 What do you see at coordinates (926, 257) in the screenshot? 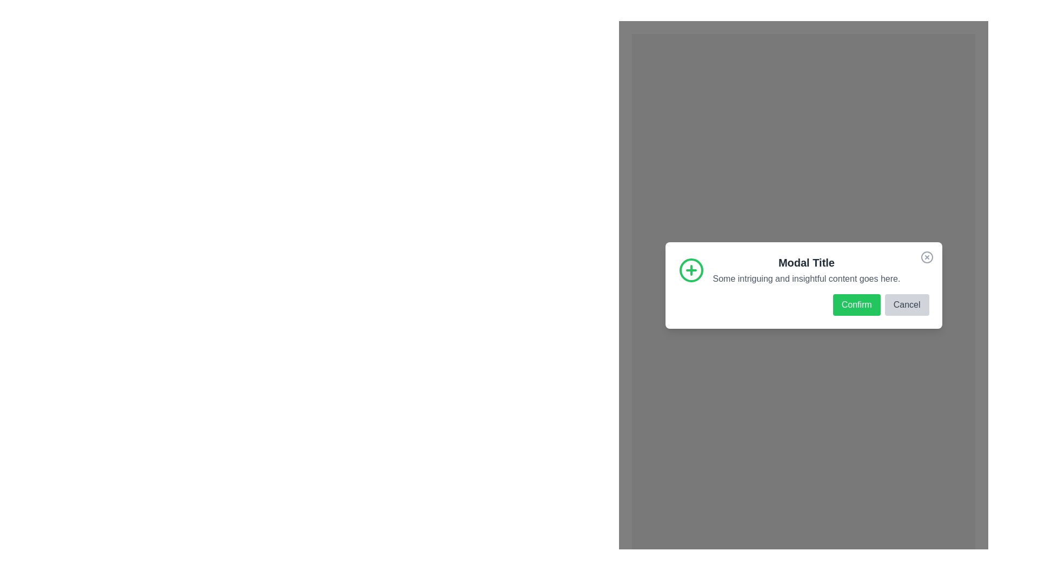
I see `the close button located at the top-right corner of the modal dialog to observe styling changes` at bounding box center [926, 257].